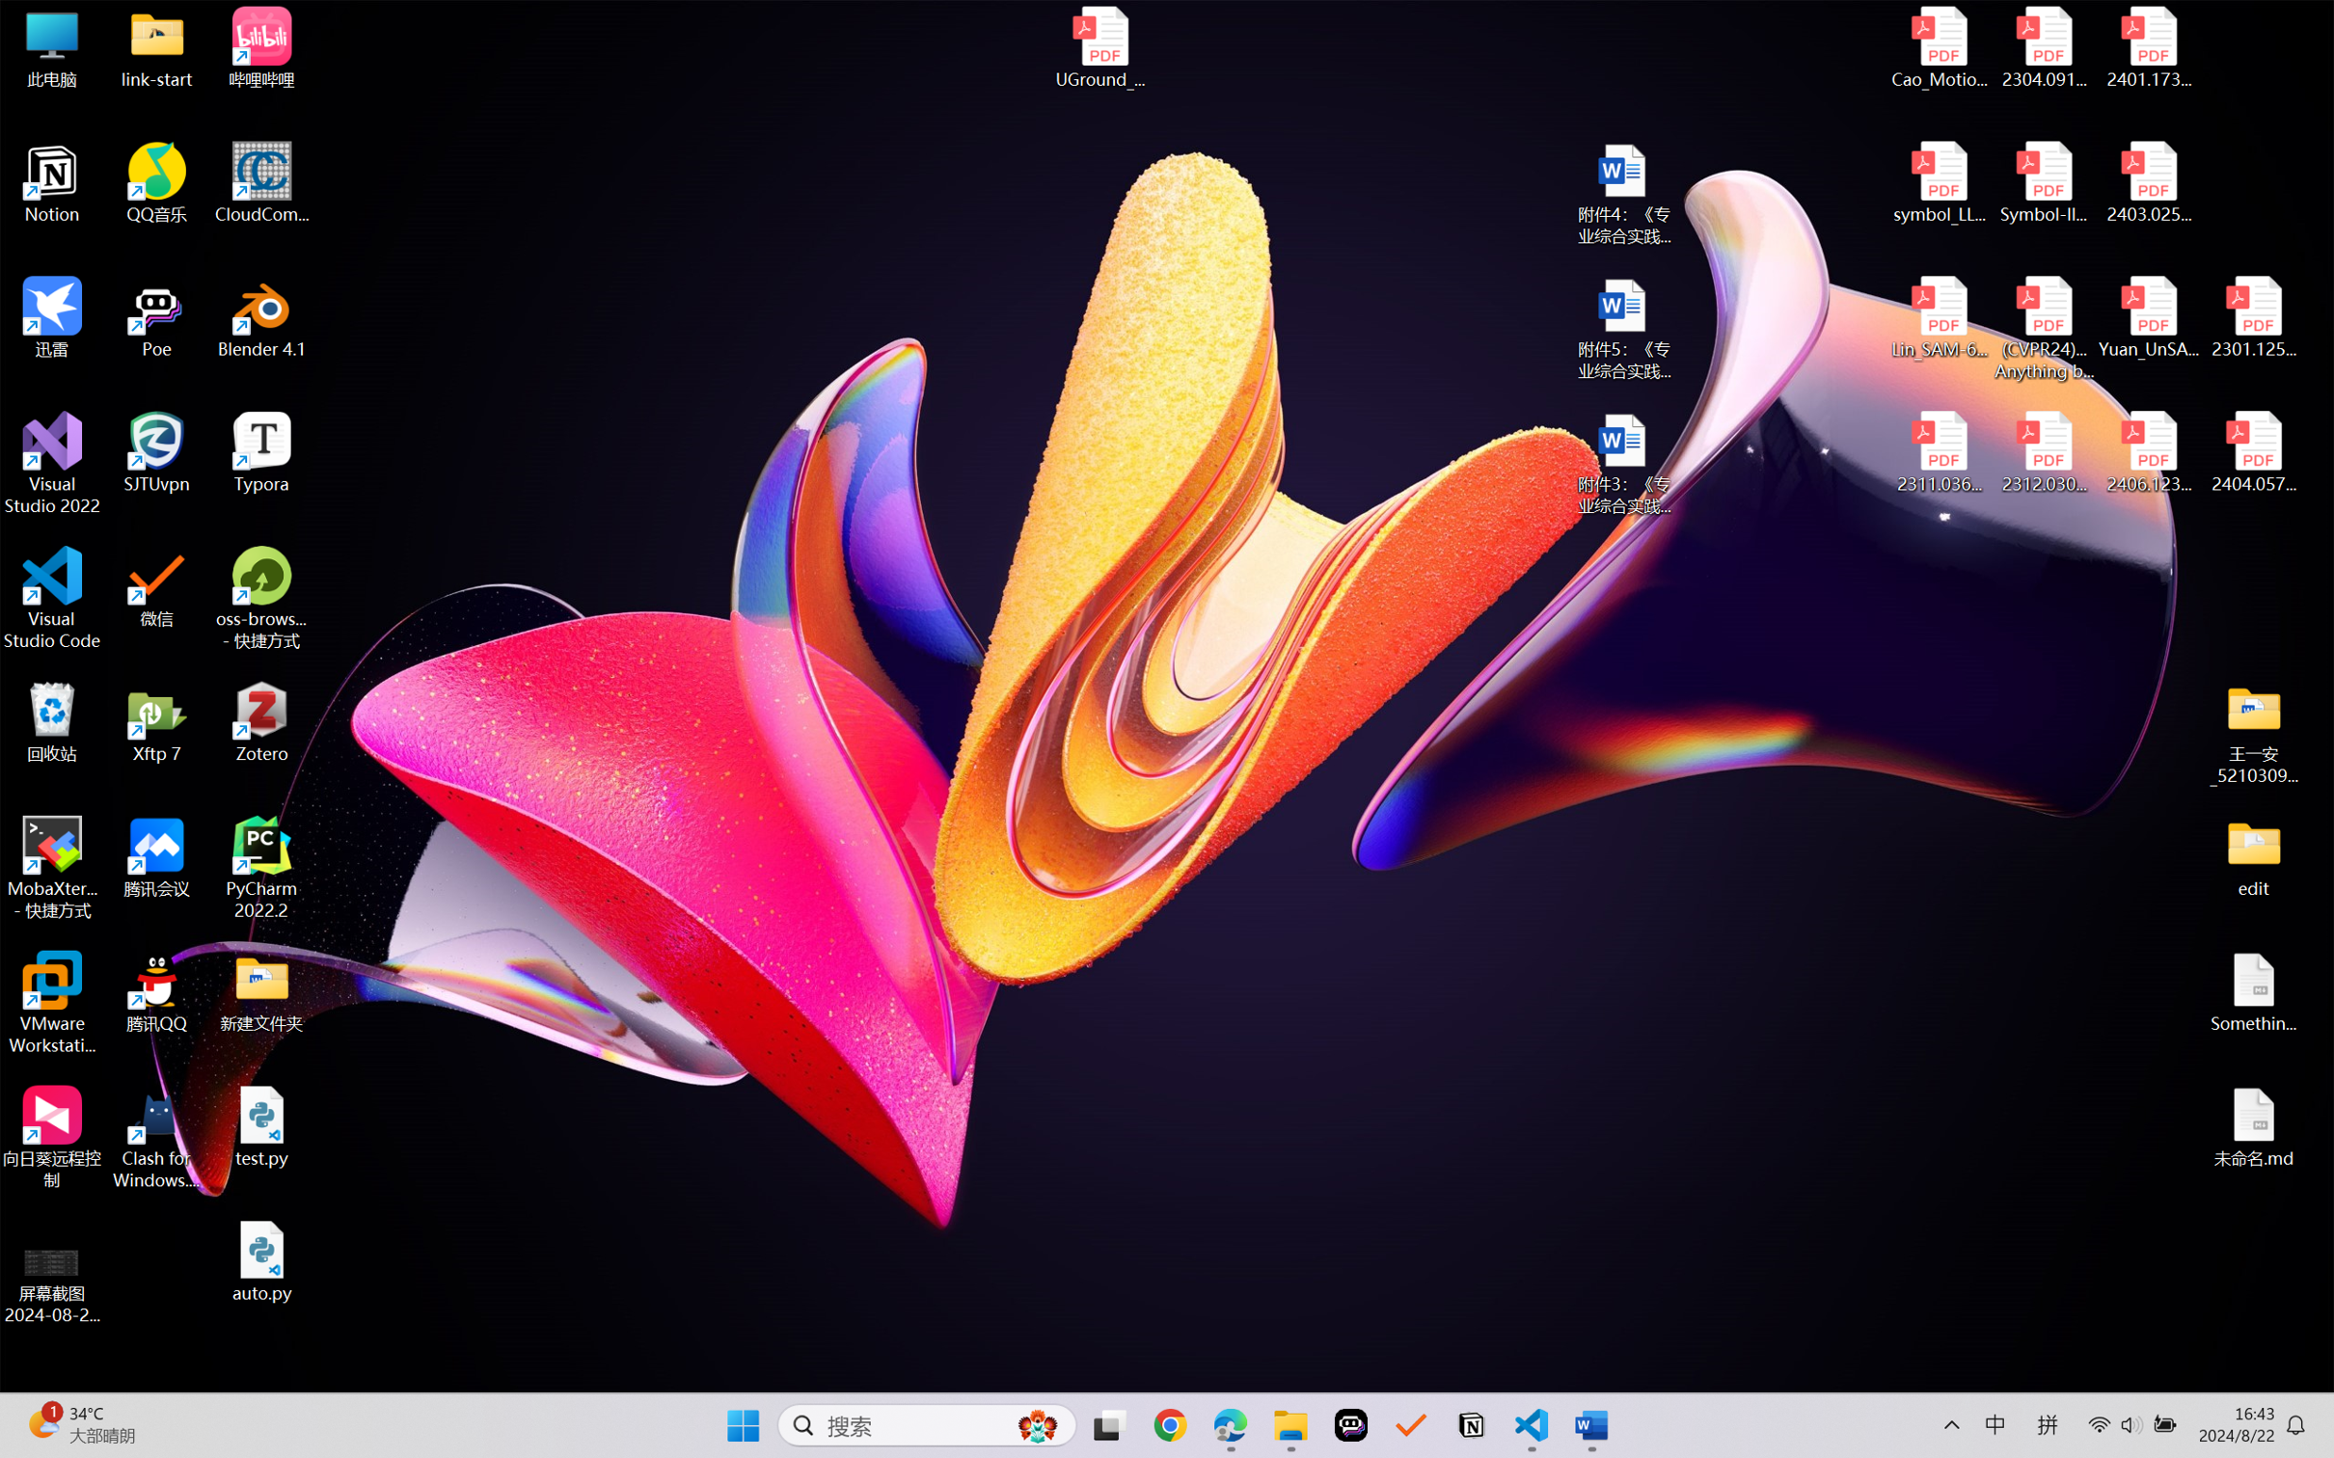  Describe the element at coordinates (51, 464) in the screenshot. I see `'Visual Studio 2022'` at that location.